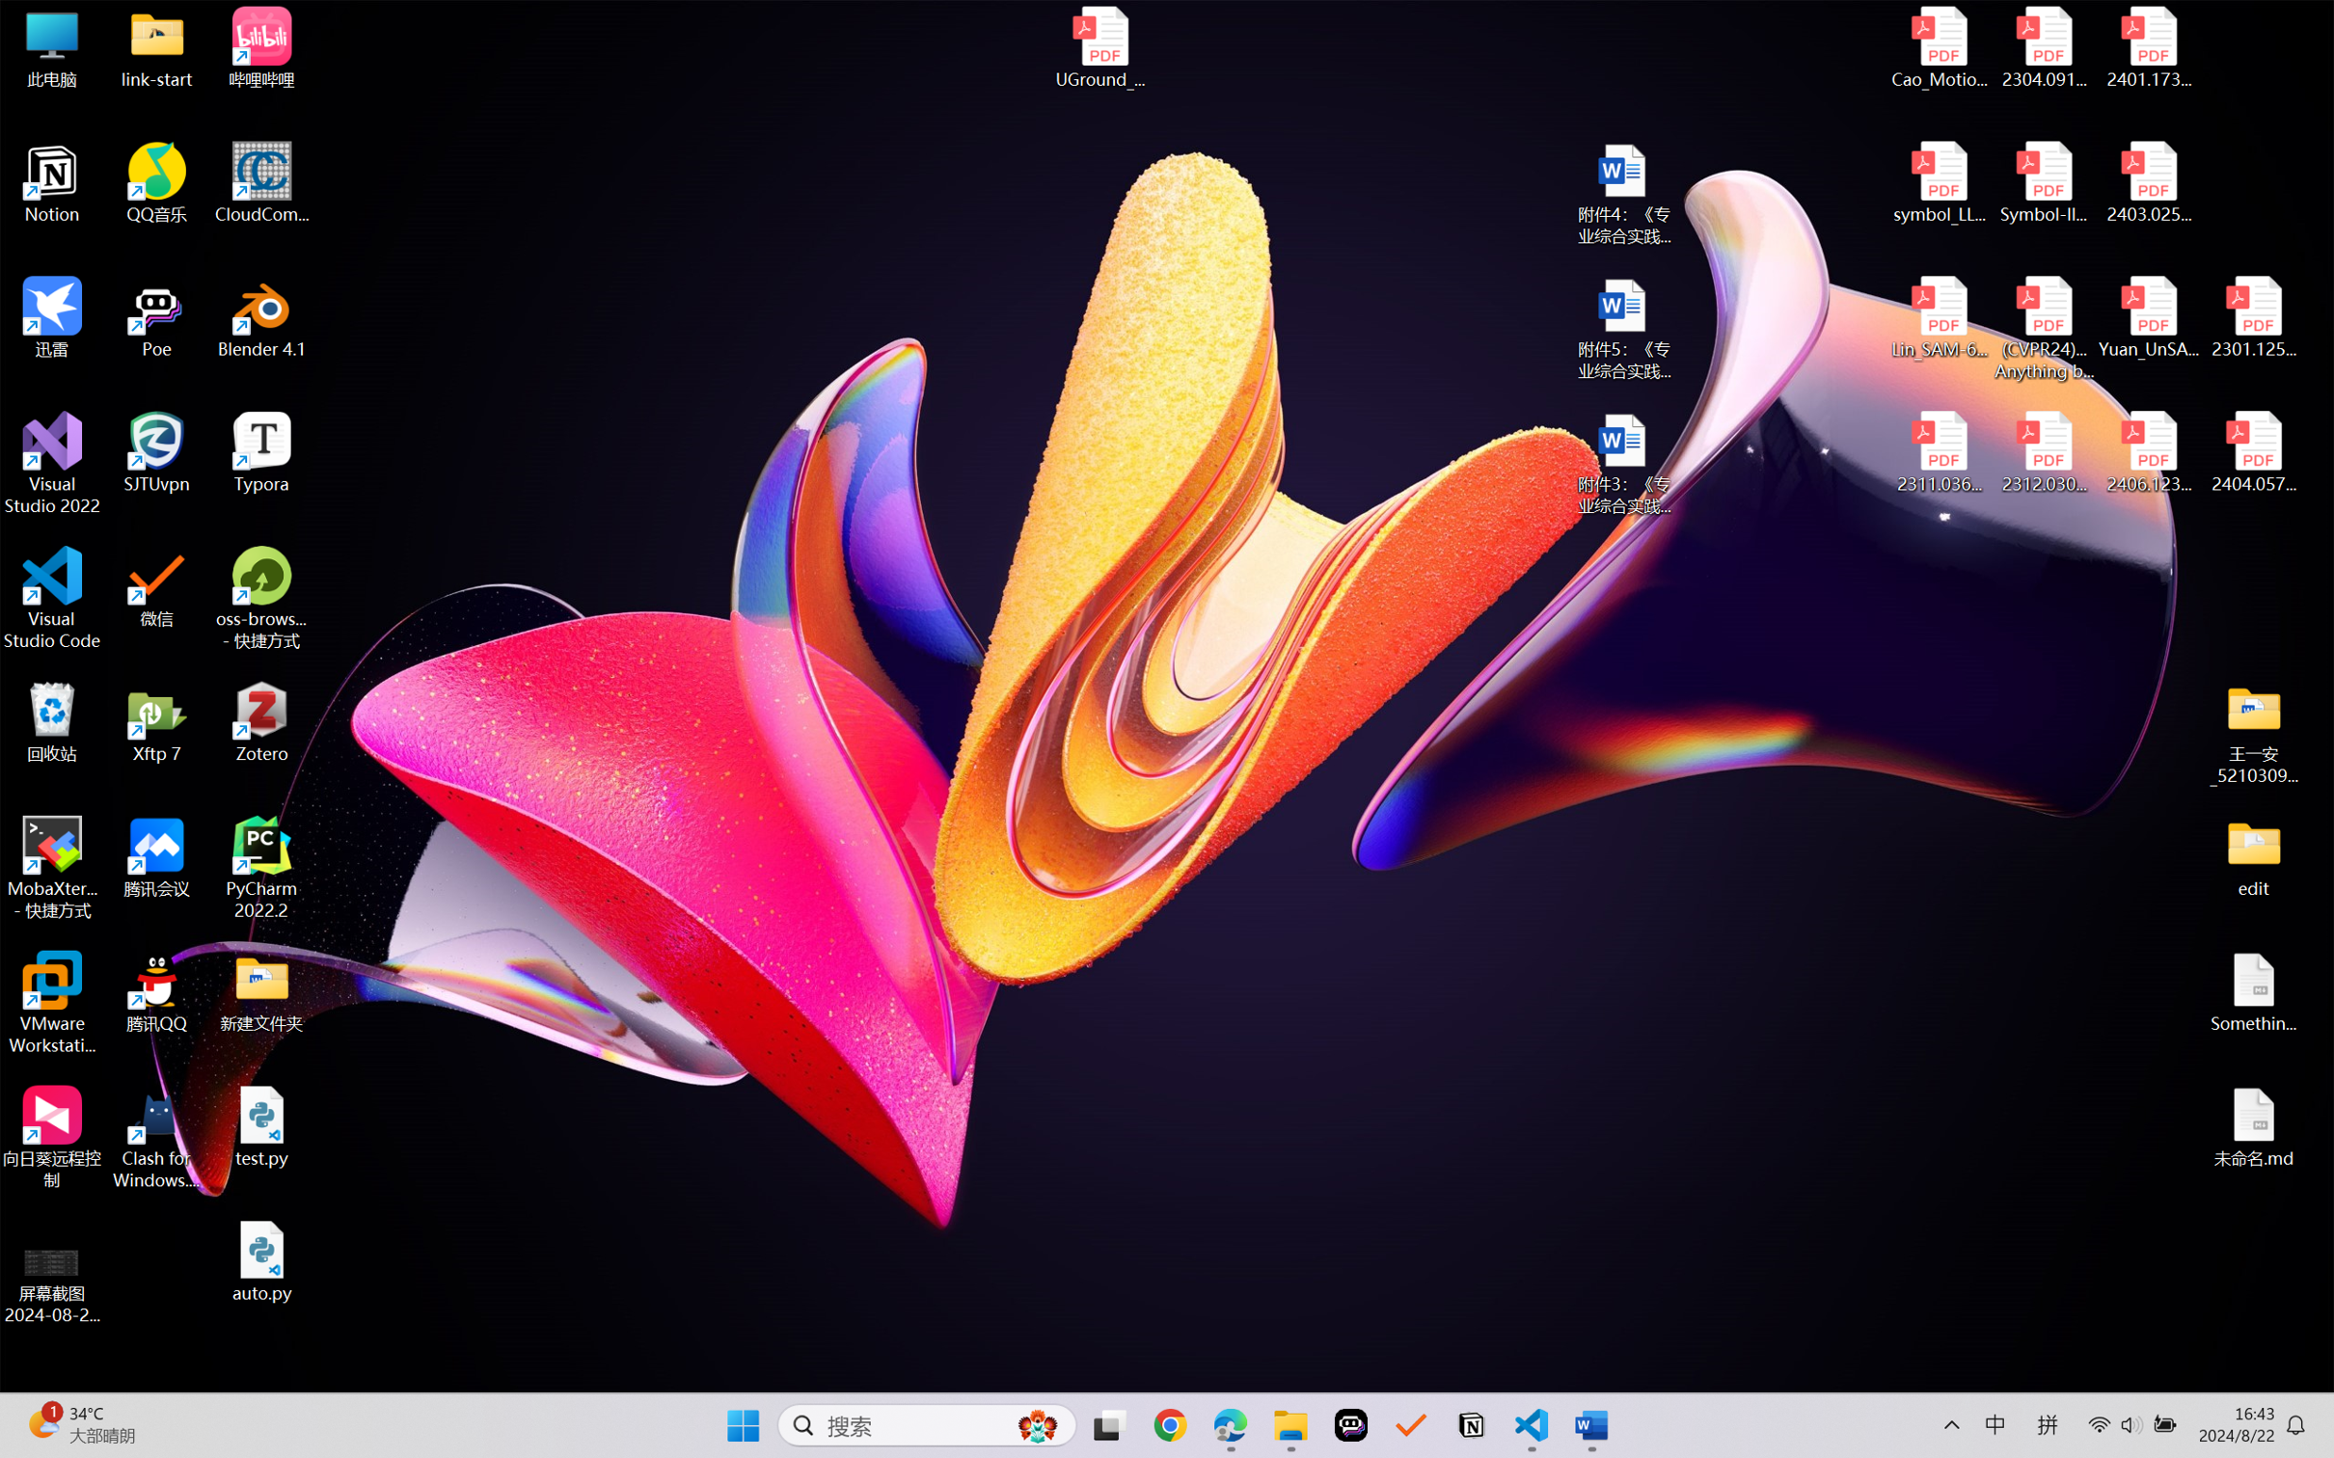  Describe the element at coordinates (51, 464) in the screenshot. I see `'Visual Studio 2022'` at that location.